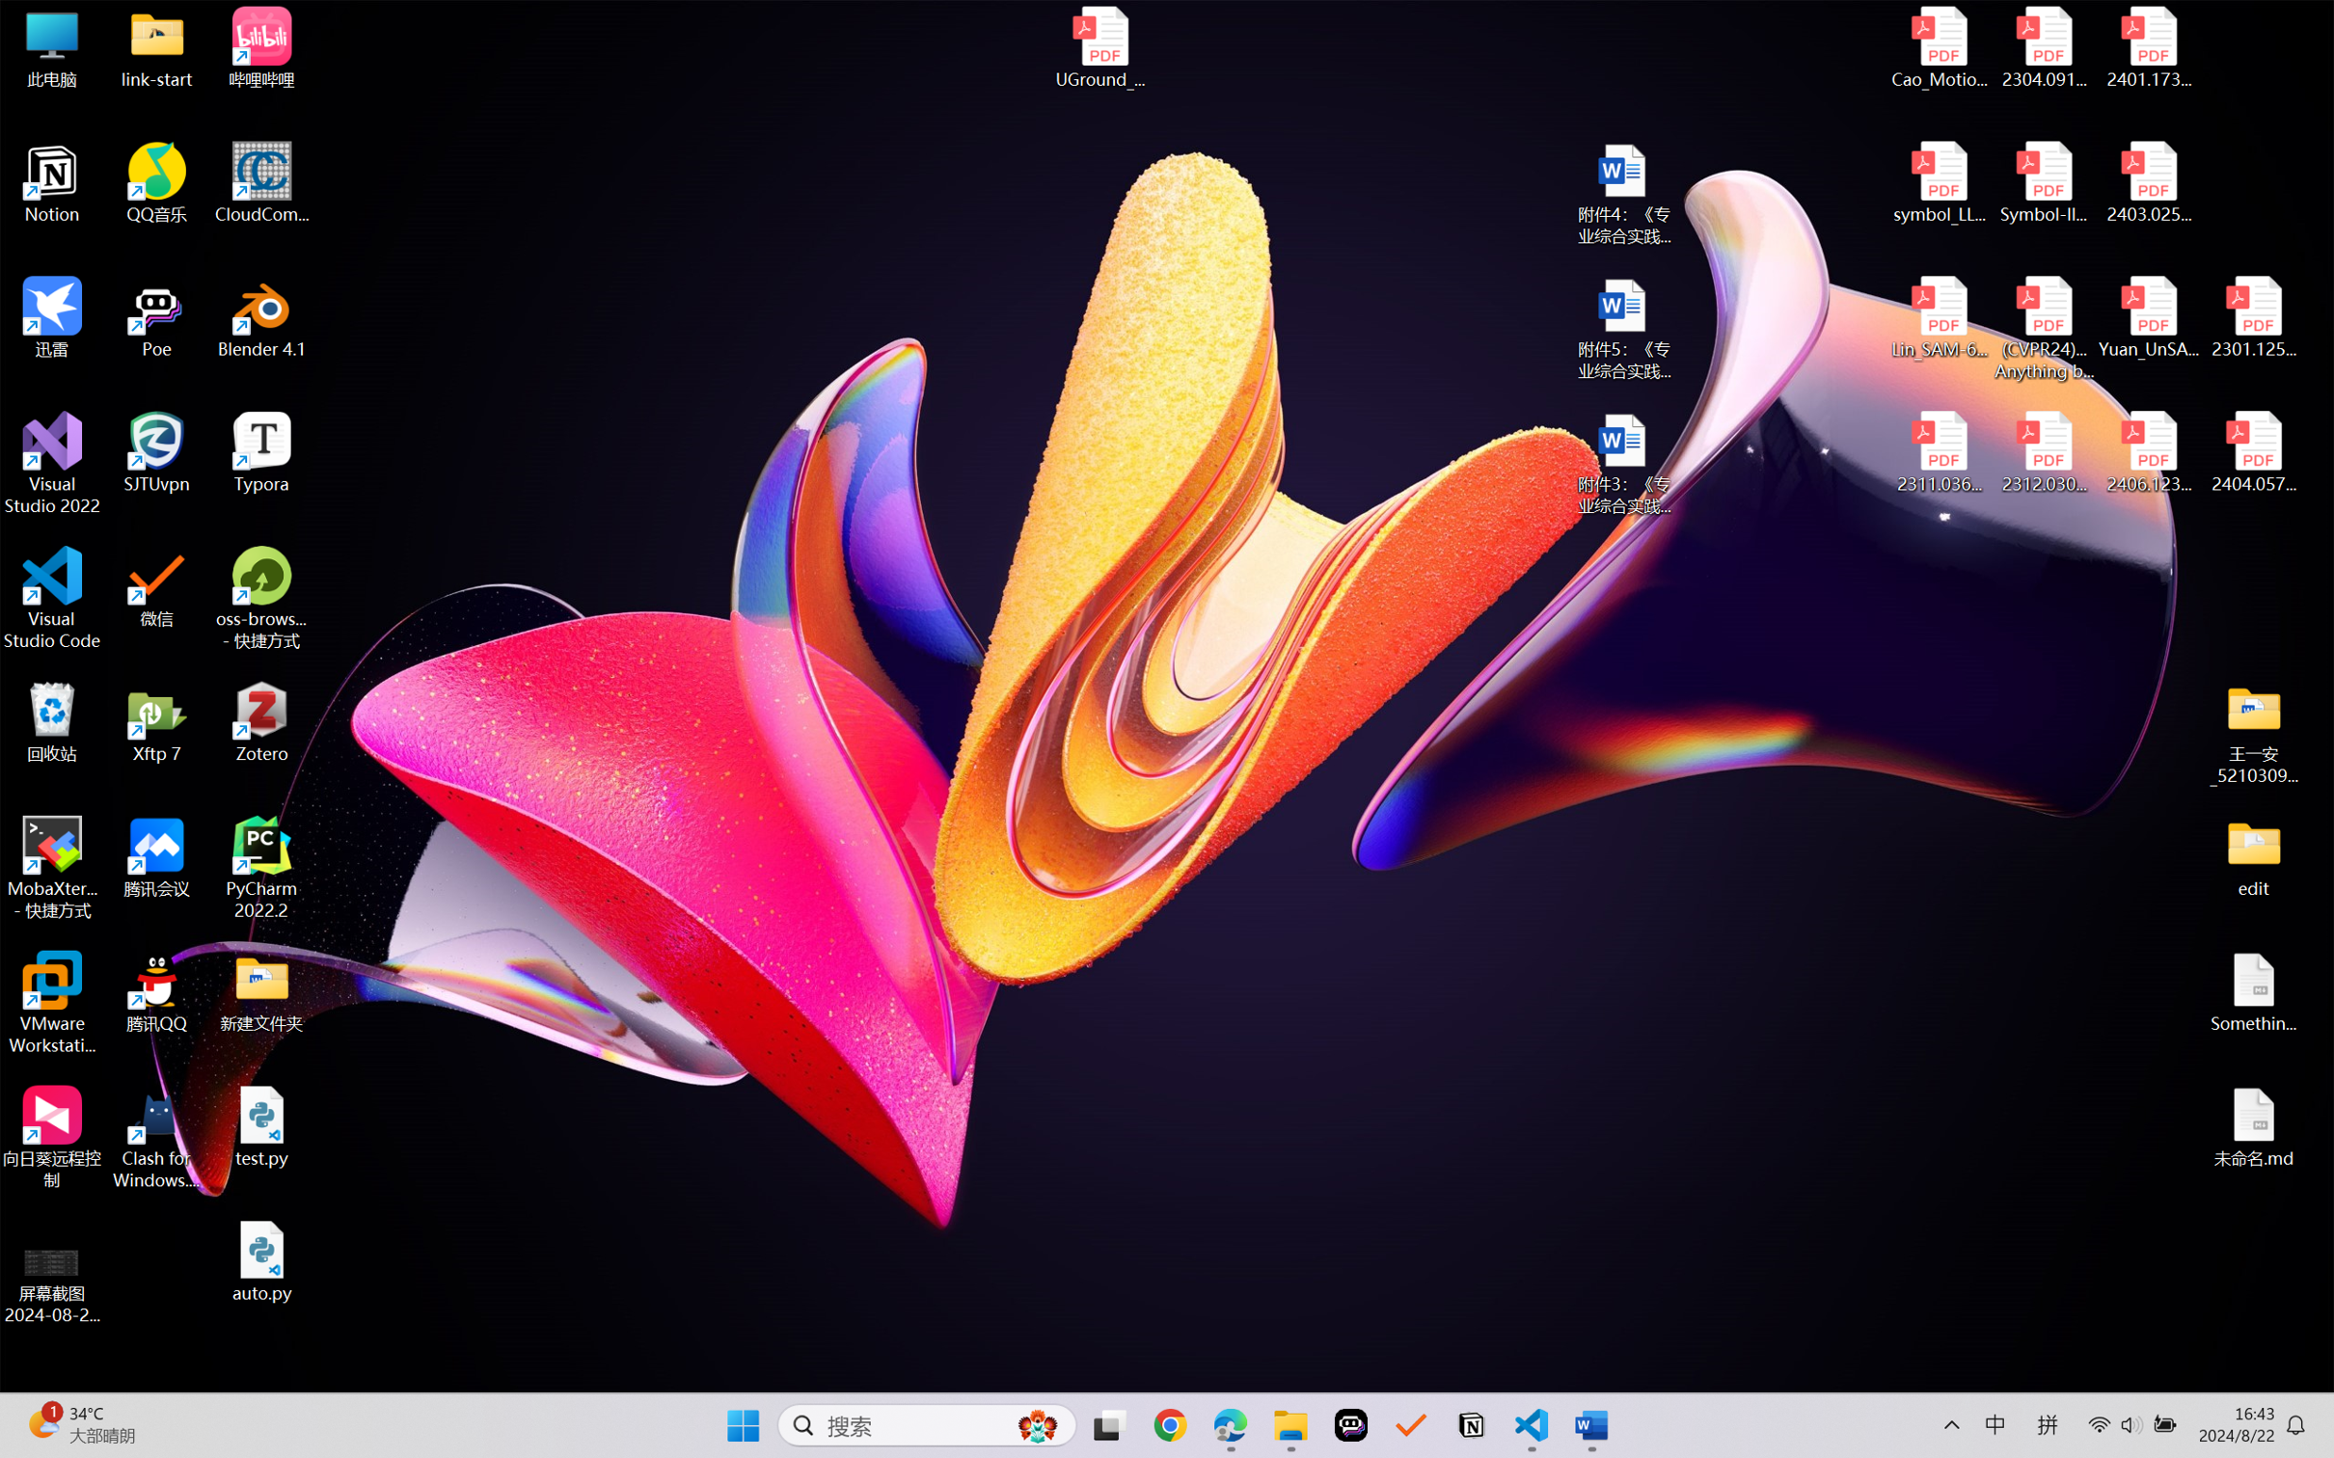  Describe the element at coordinates (51, 464) in the screenshot. I see `'Visual Studio 2022'` at that location.